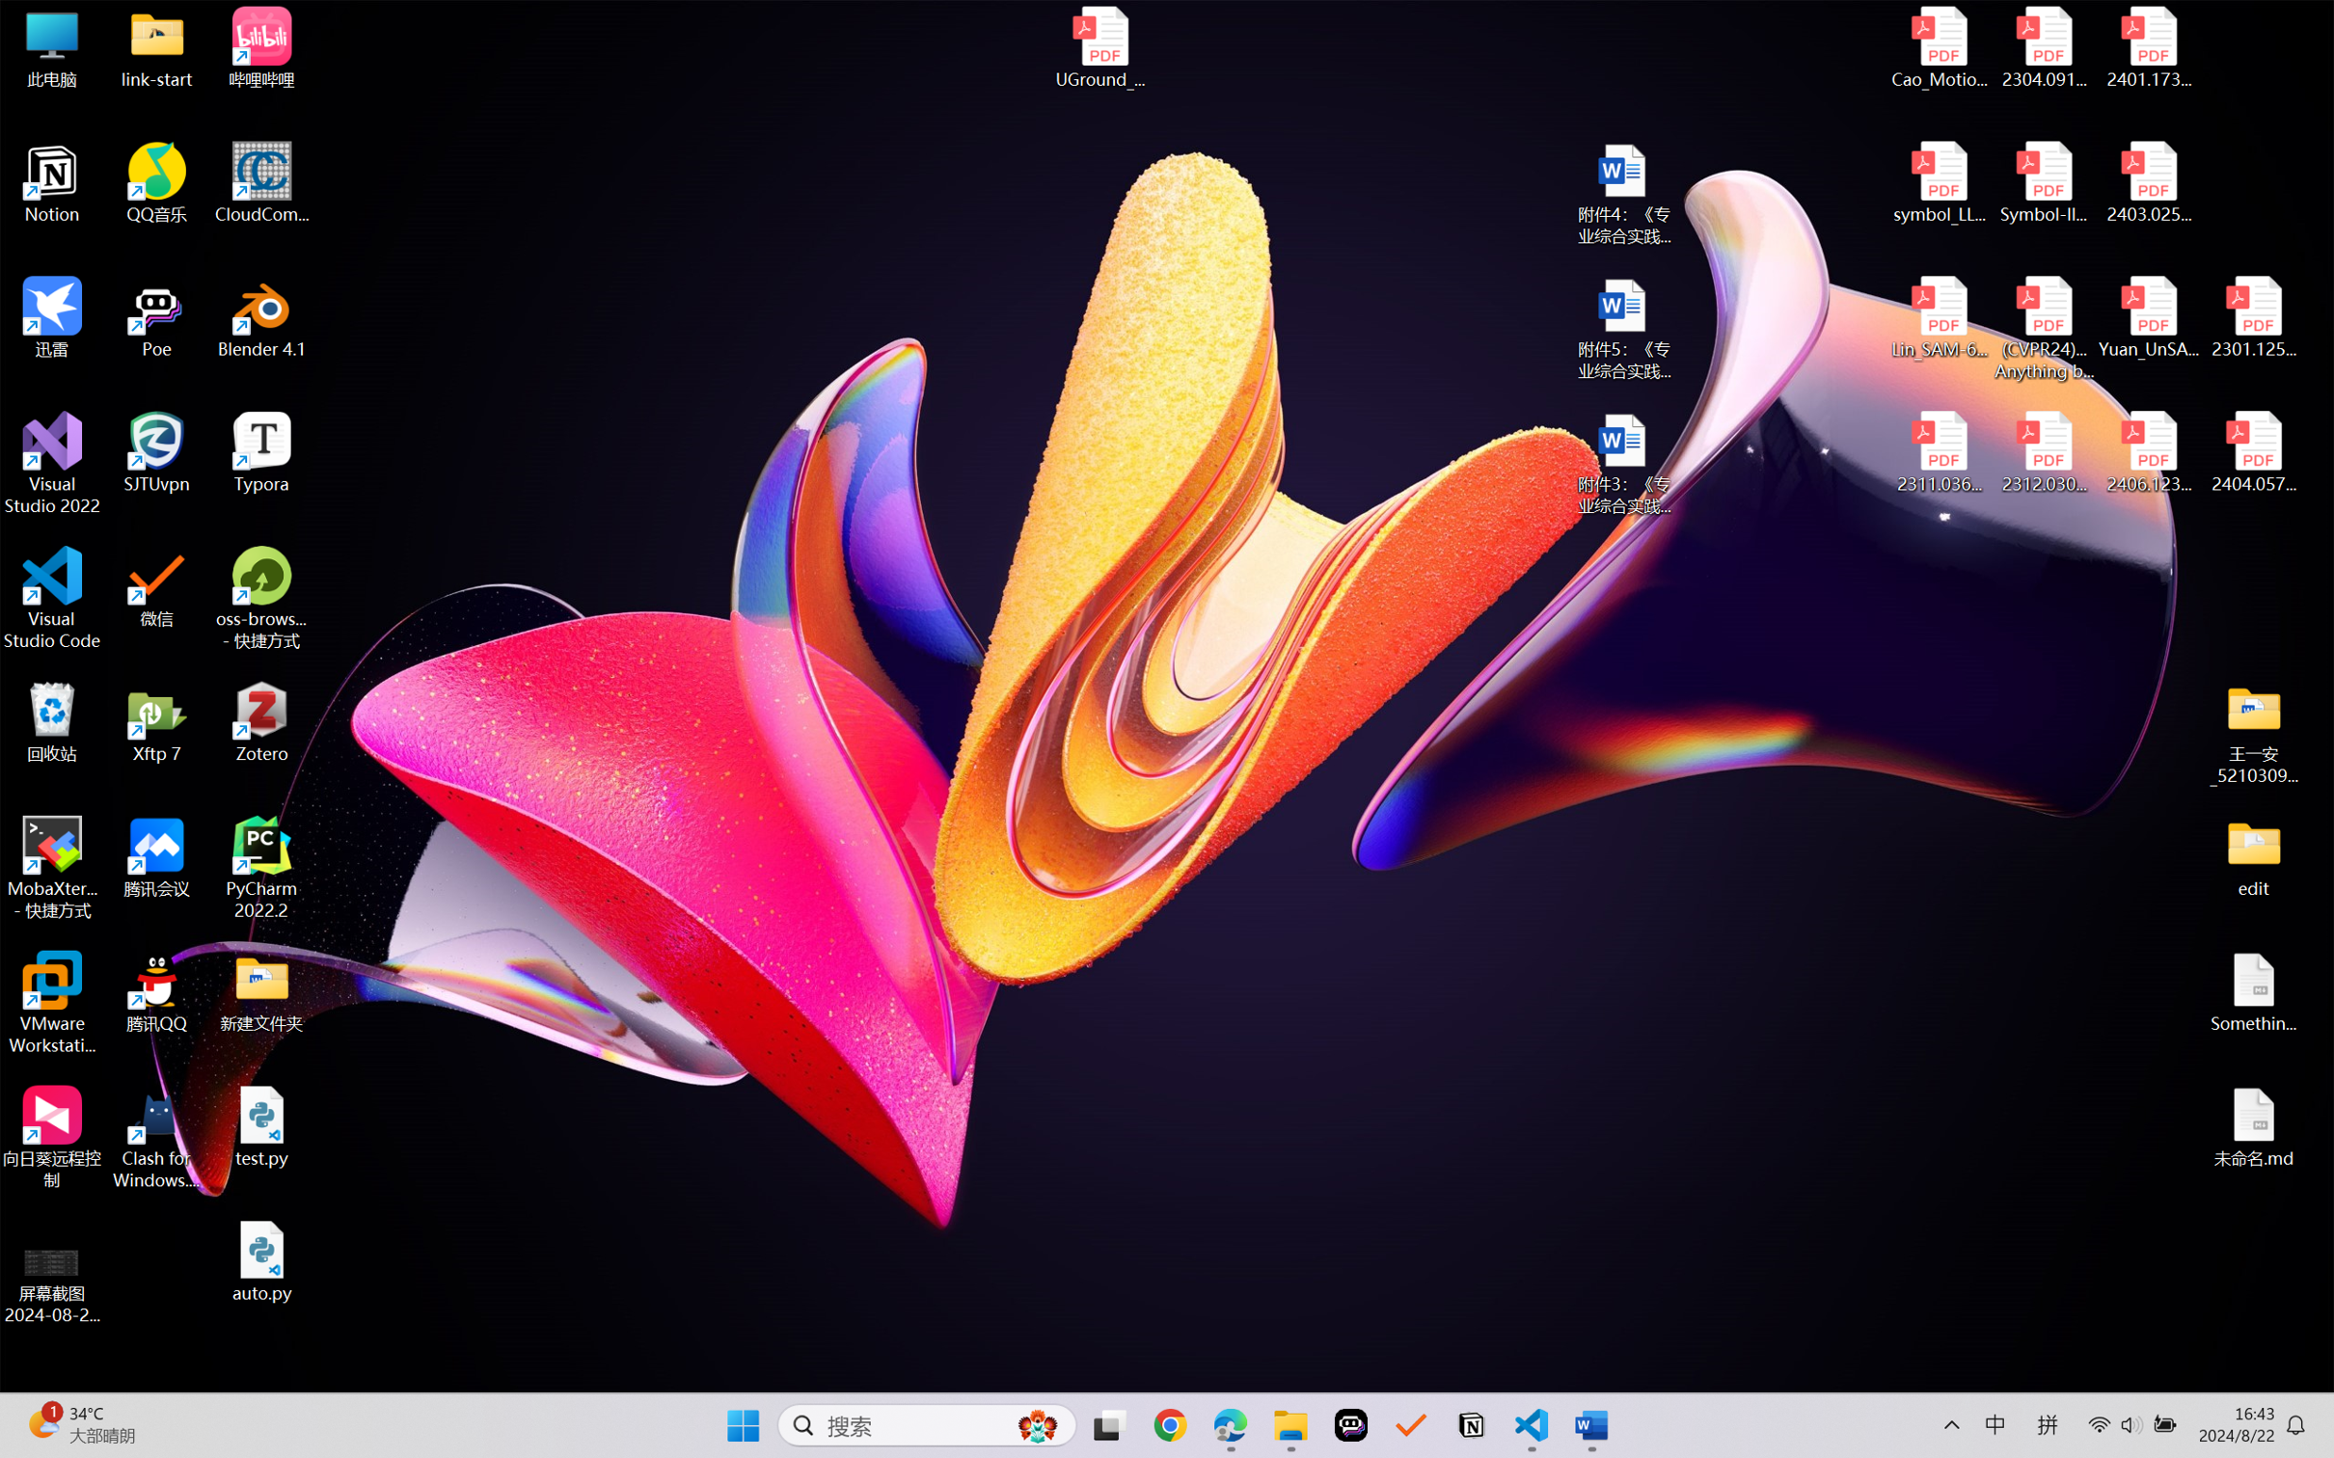  Describe the element at coordinates (51, 464) in the screenshot. I see `'Visual Studio 2022'` at that location.